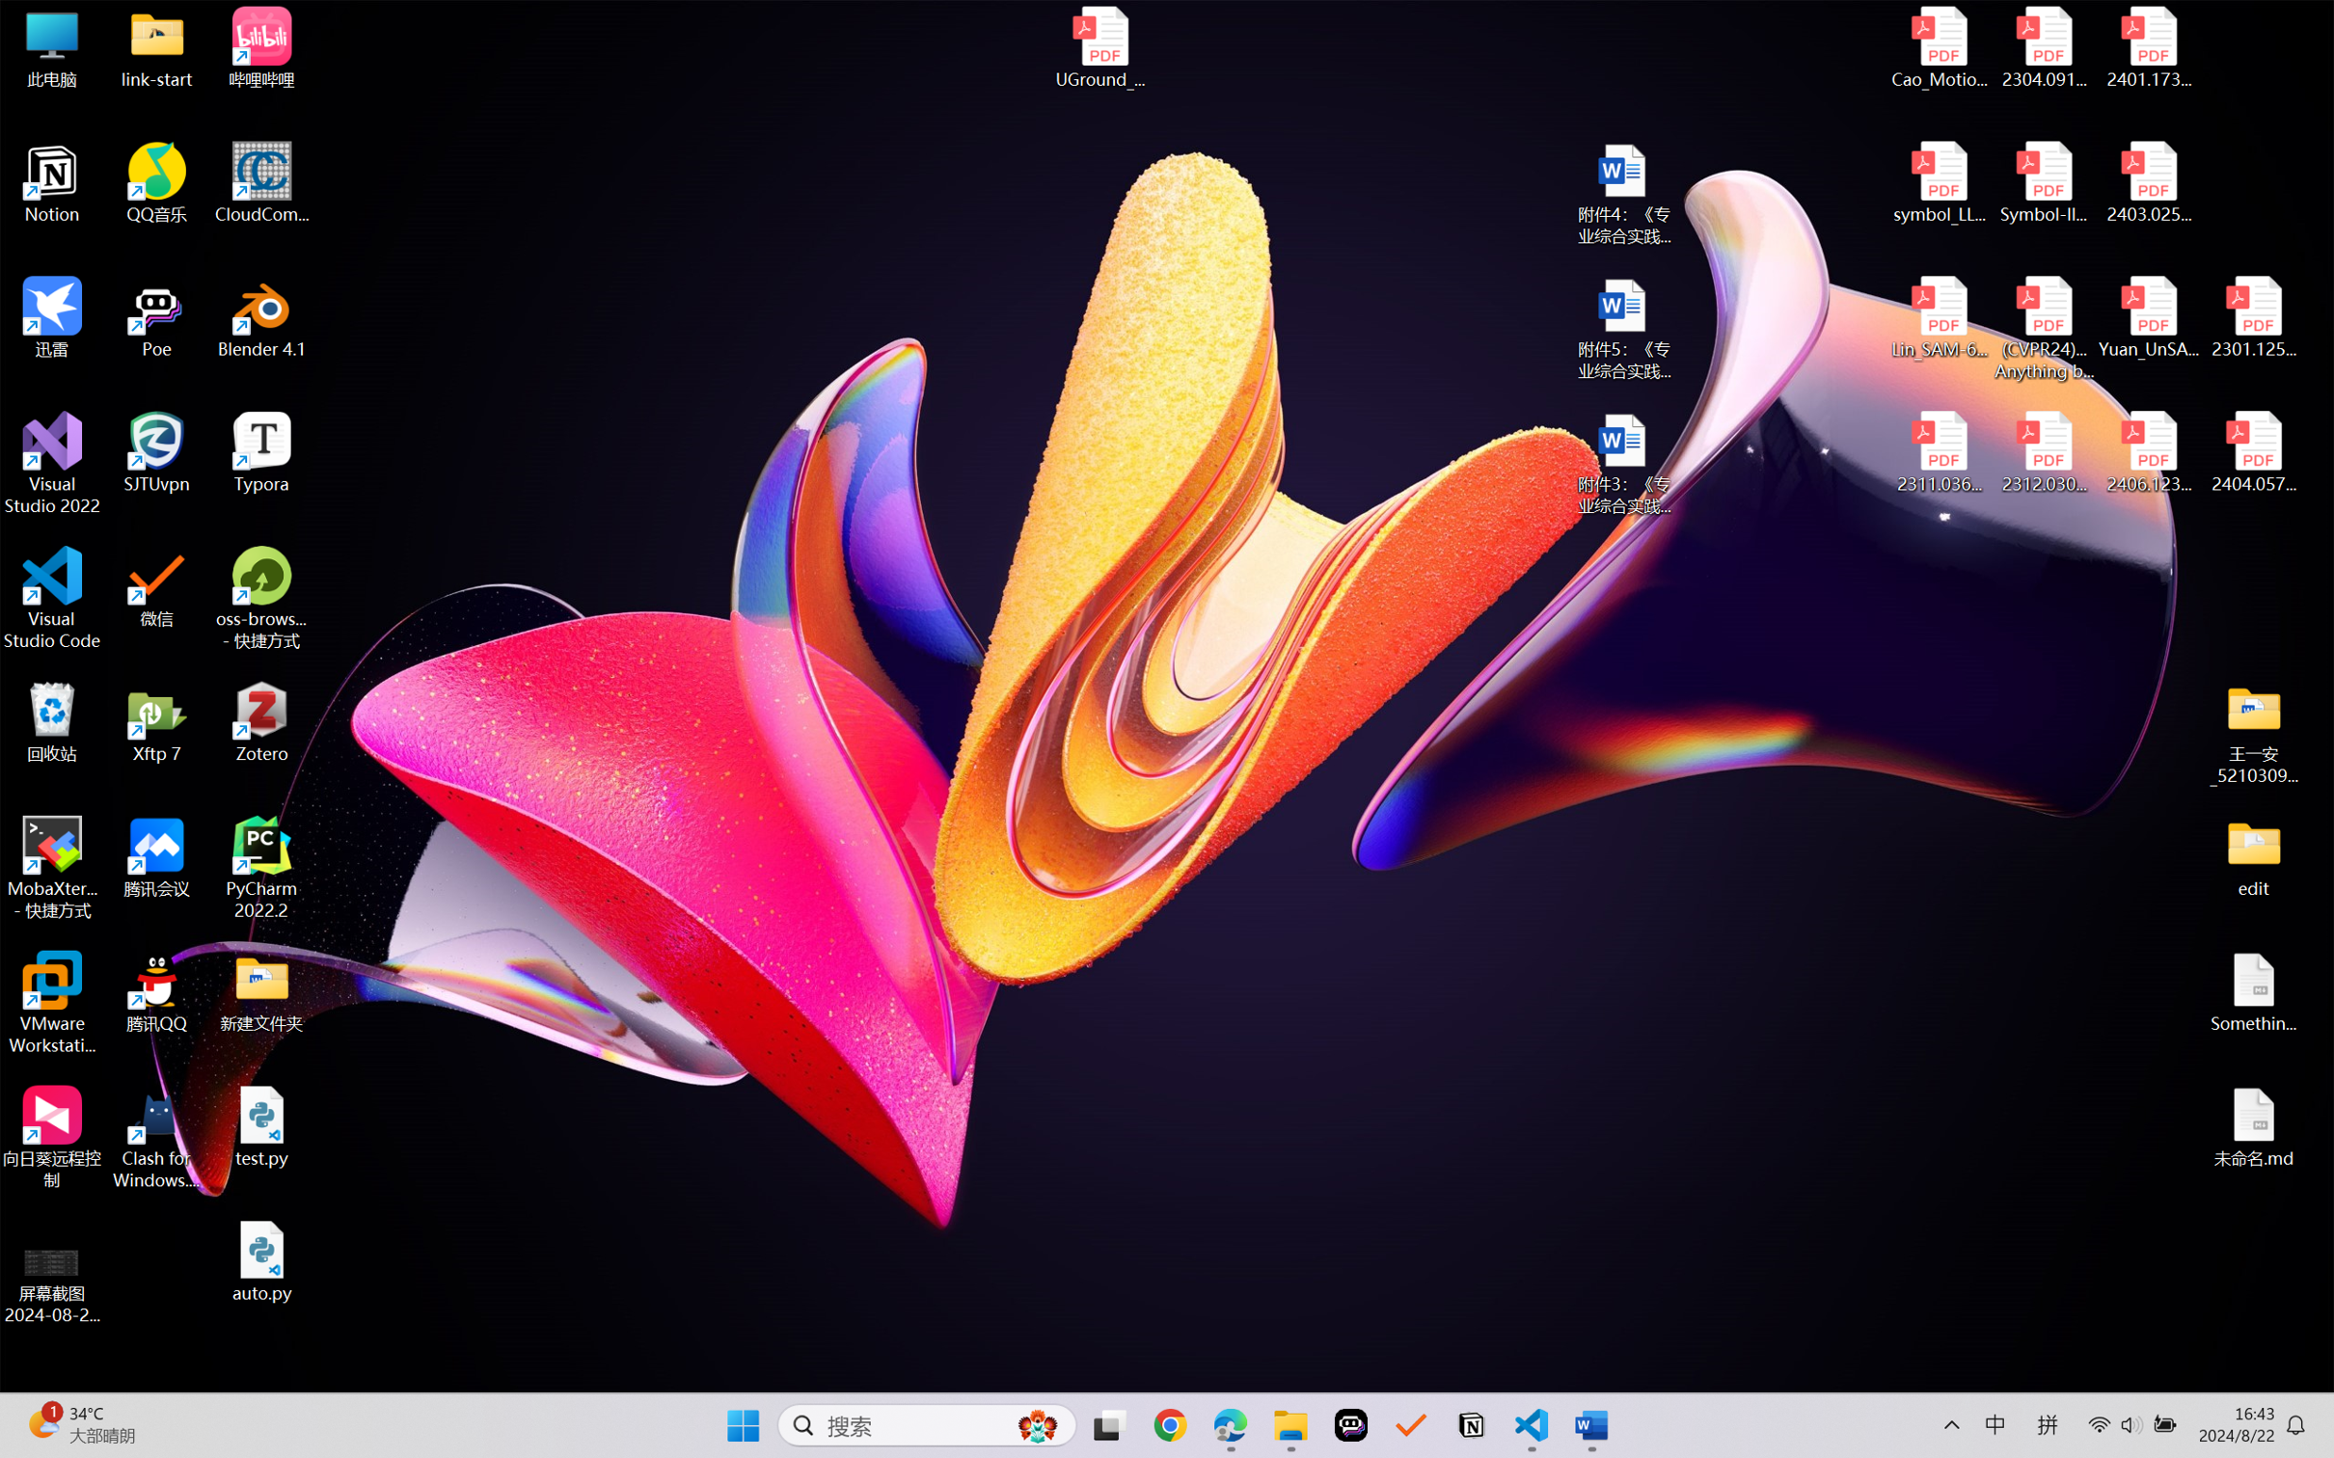  Describe the element at coordinates (51, 464) in the screenshot. I see `'Visual Studio 2022'` at that location.